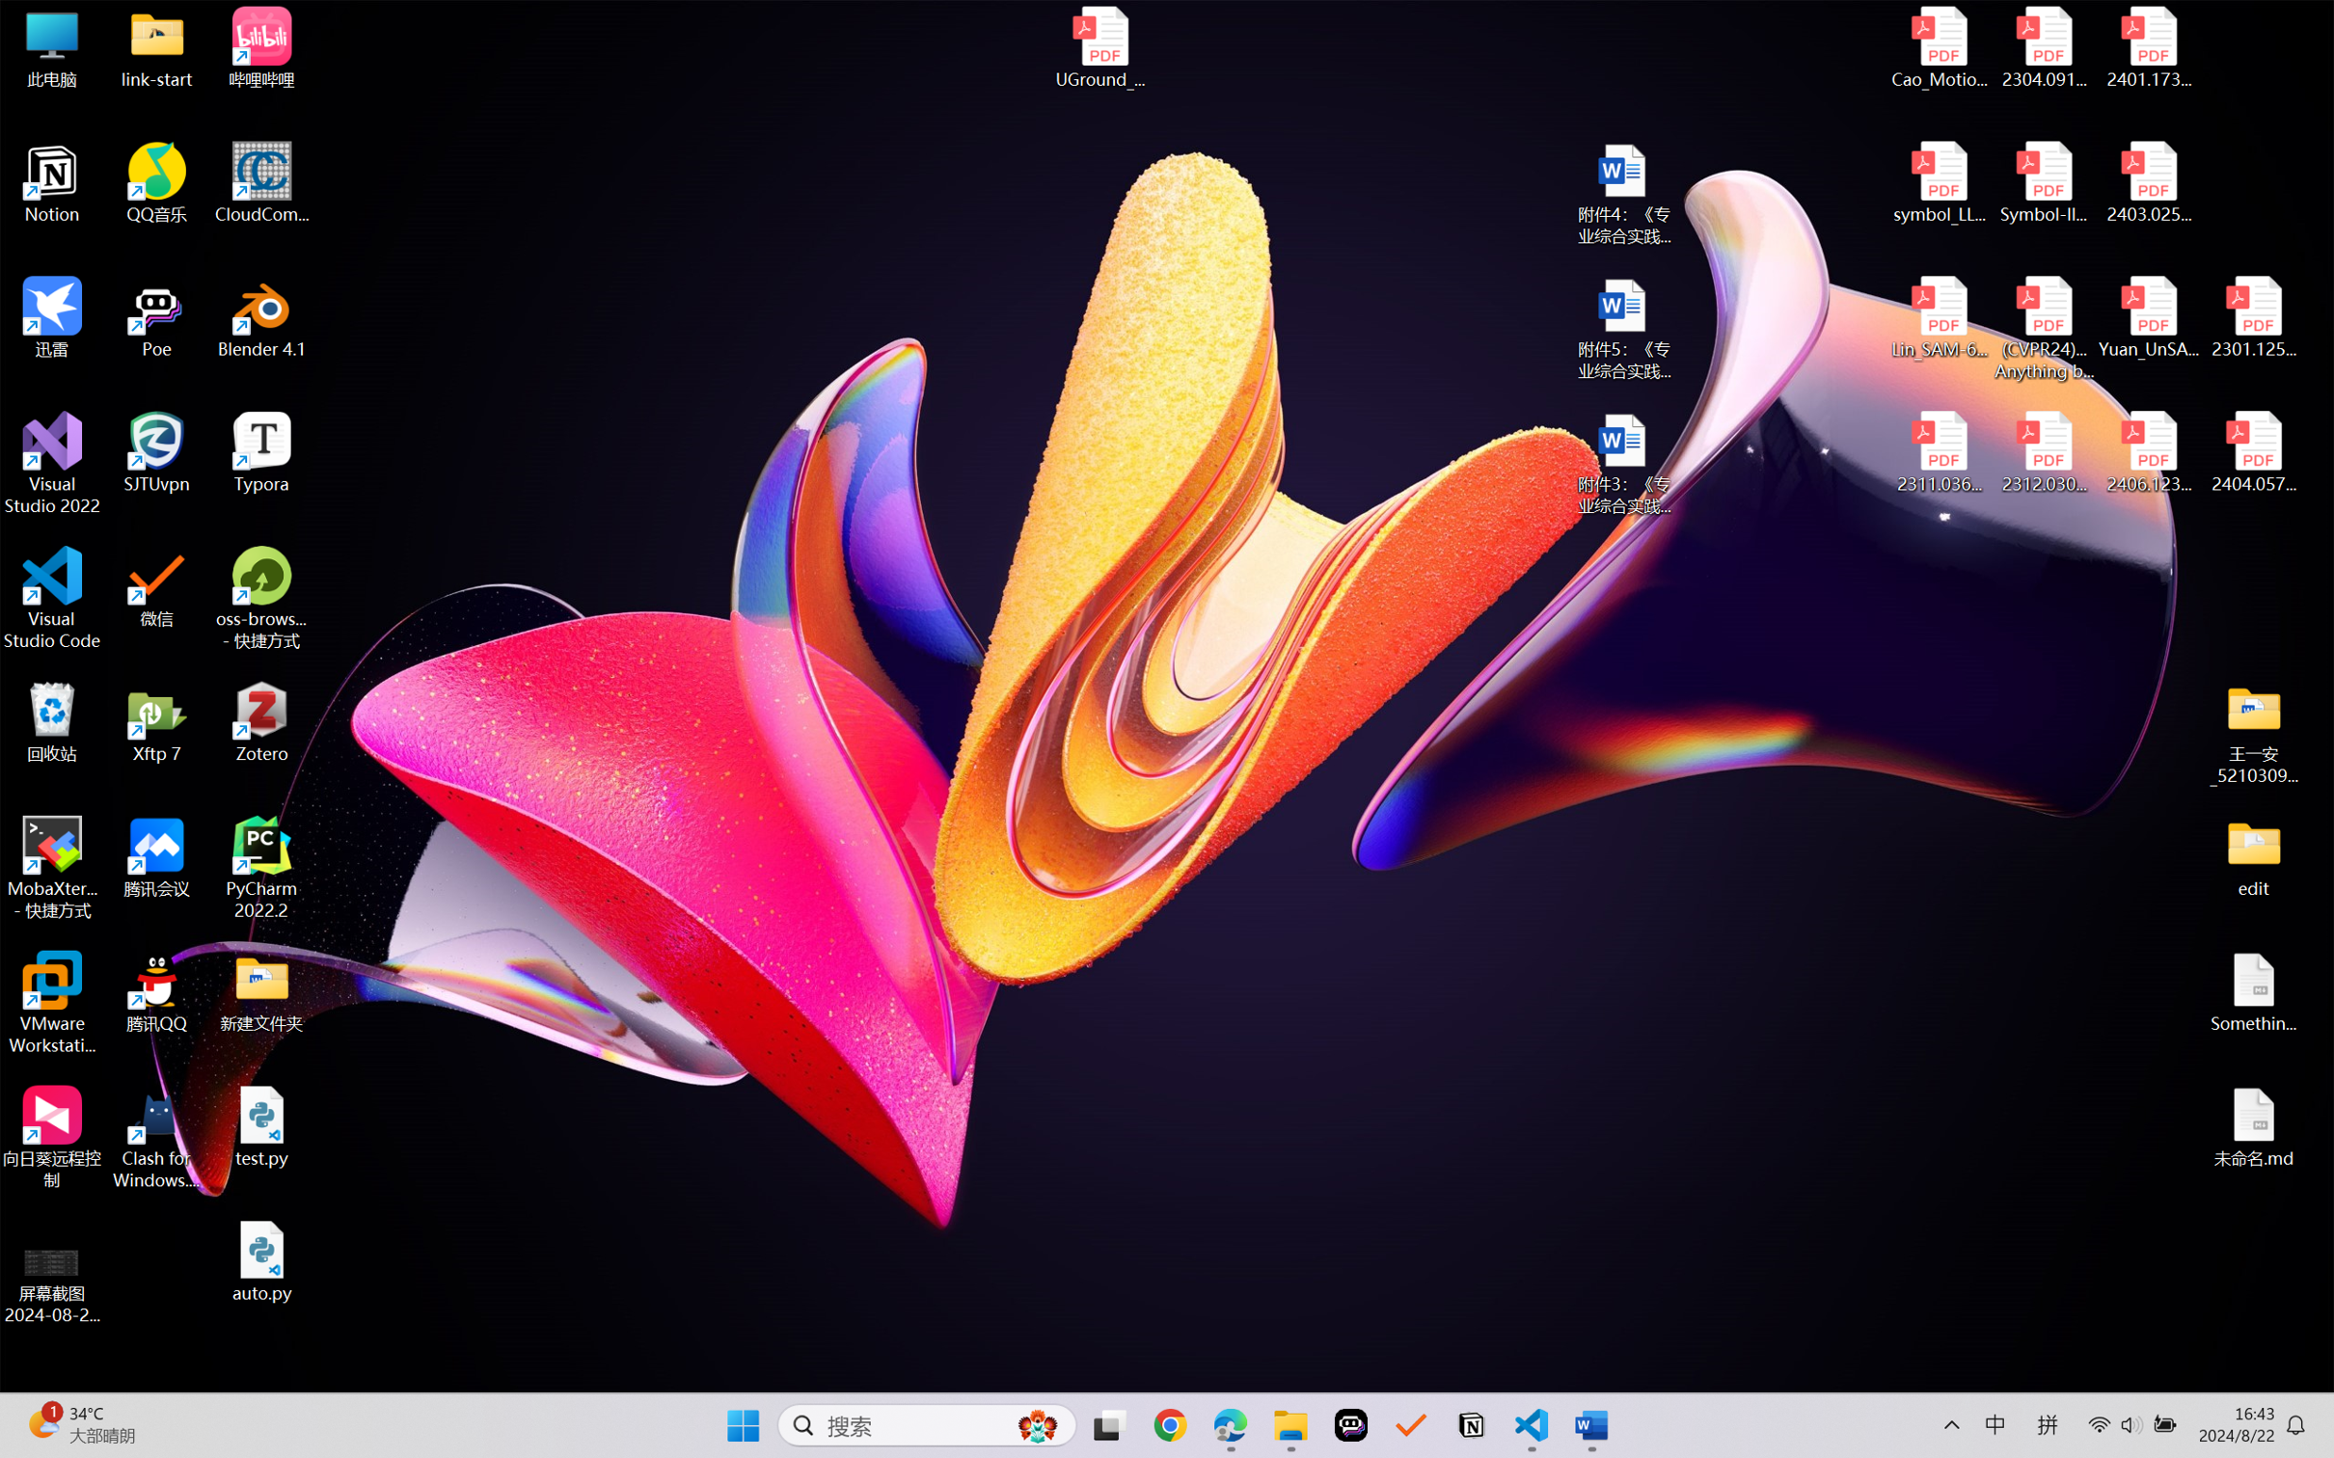  Describe the element at coordinates (51, 464) in the screenshot. I see `'Visual Studio 2022'` at that location.